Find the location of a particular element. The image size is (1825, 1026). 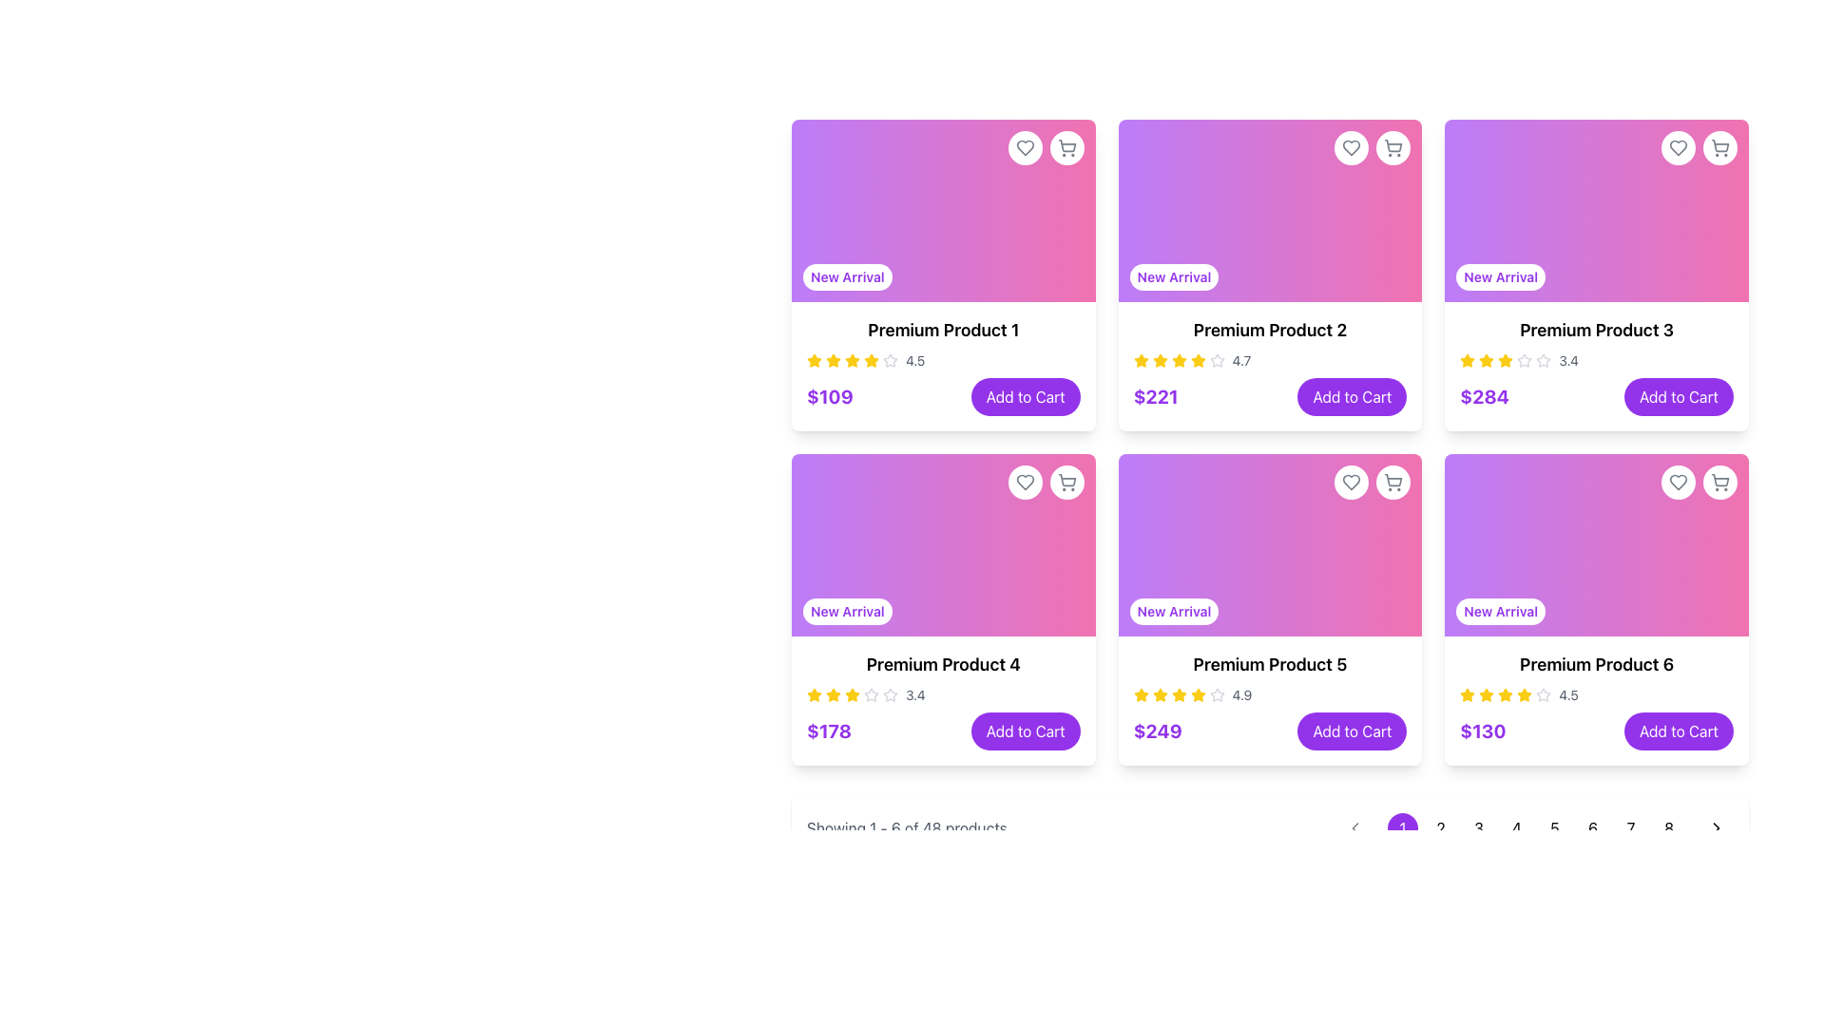

the shopping cart button icon located in the top-right corner of the 'Premium Product 6' card is located at coordinates (1719, 479).